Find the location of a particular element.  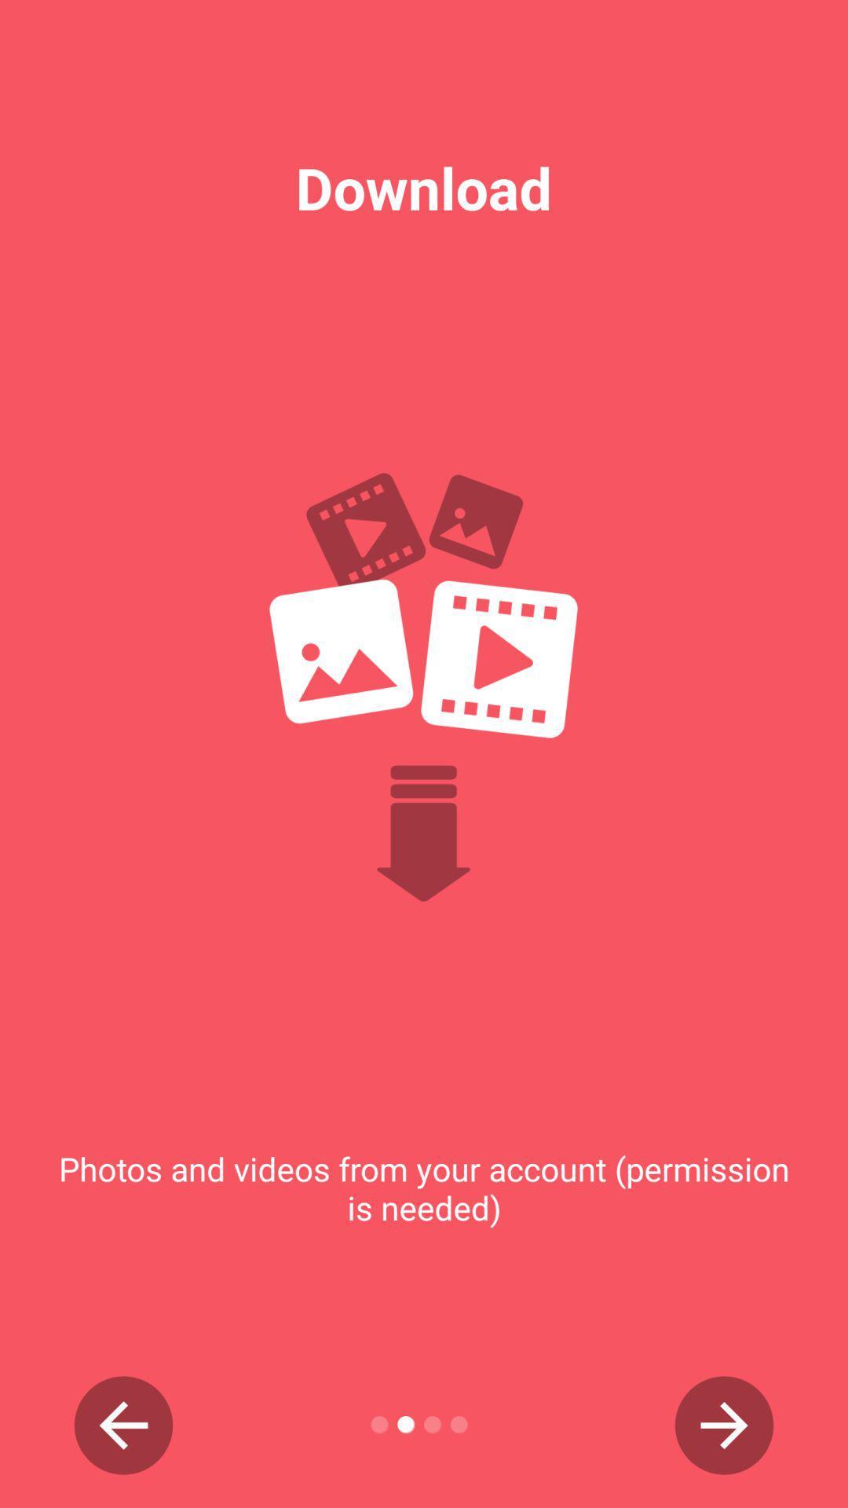

the arrow_backward icon is located at coordinates (122, 1425).